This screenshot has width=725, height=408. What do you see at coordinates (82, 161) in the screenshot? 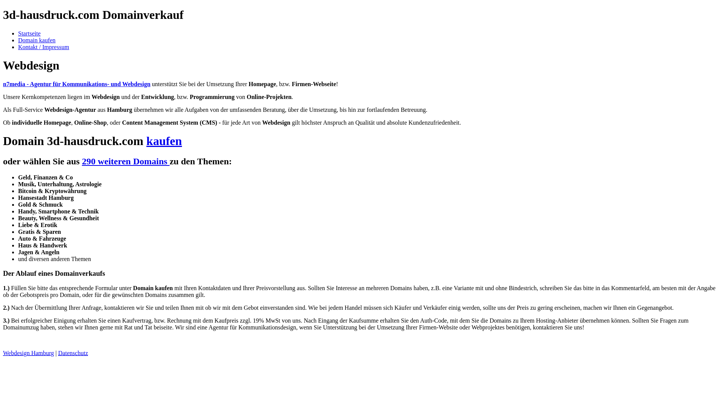
I see `'290 weiteren Domains'` at bounding box center [82, 161].